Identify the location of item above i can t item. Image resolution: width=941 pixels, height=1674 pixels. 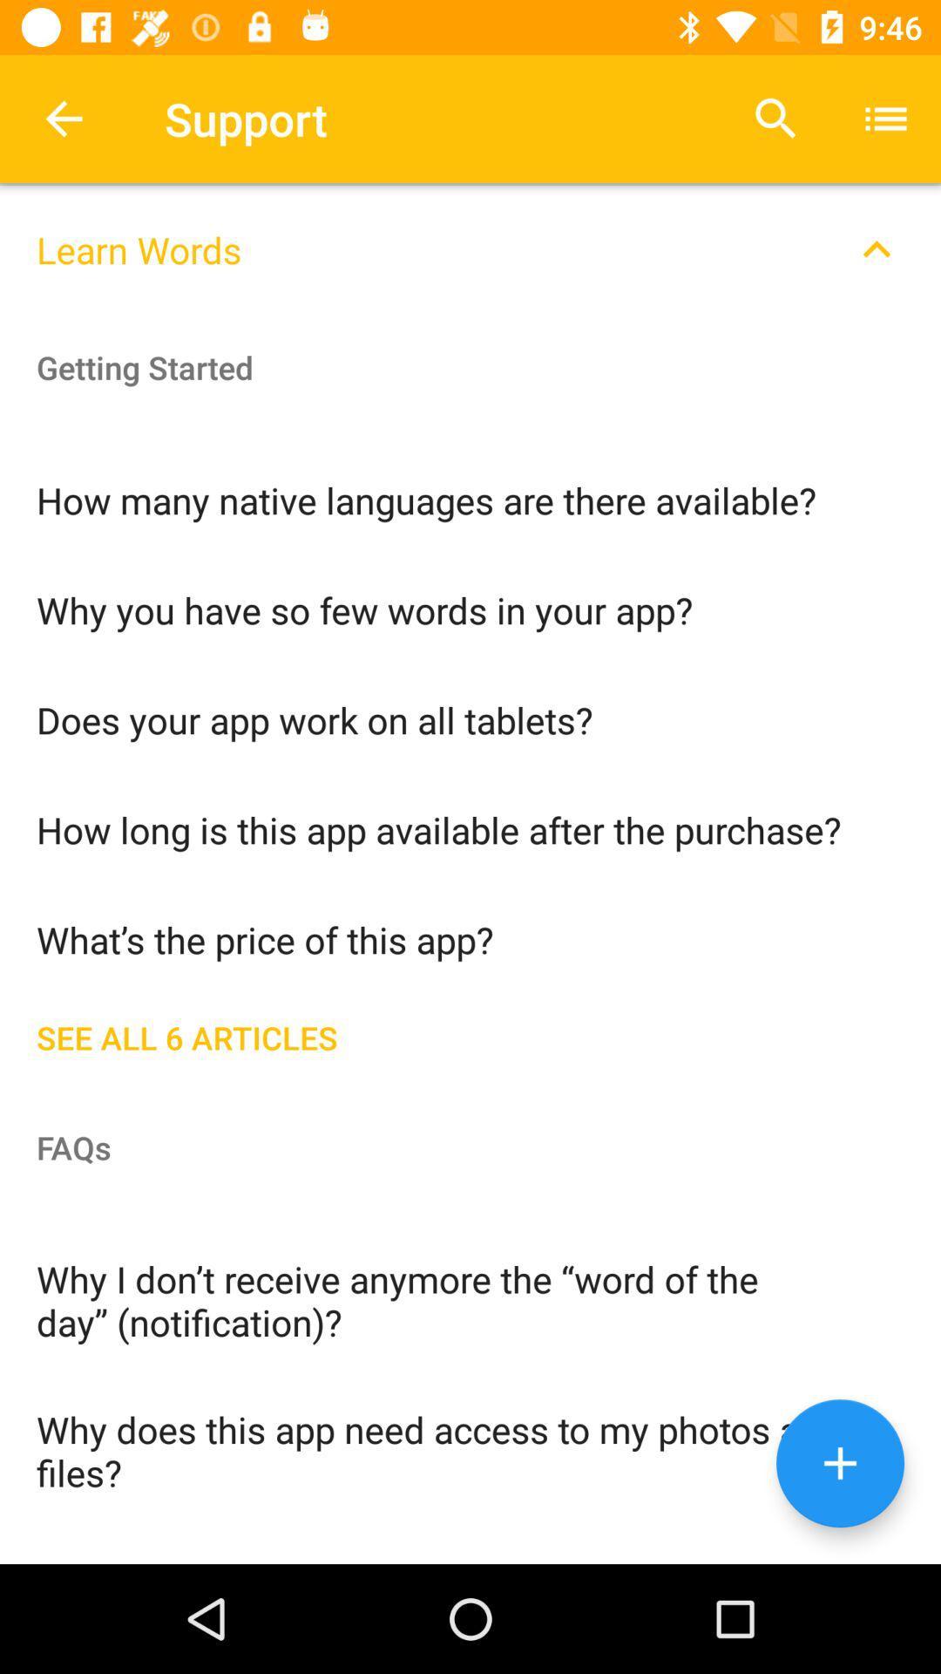
(470, 1449).